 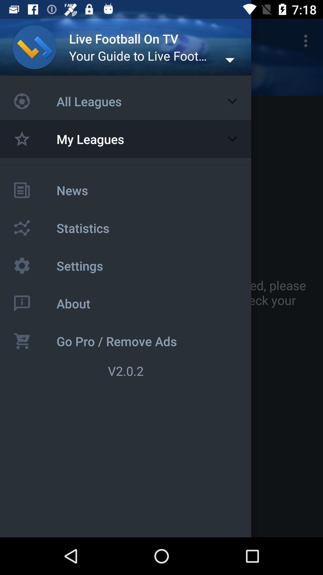 What do you see at coordinates (34, 47) in the screenshot?
I see `profile picture` at bounding box center [34, 47].